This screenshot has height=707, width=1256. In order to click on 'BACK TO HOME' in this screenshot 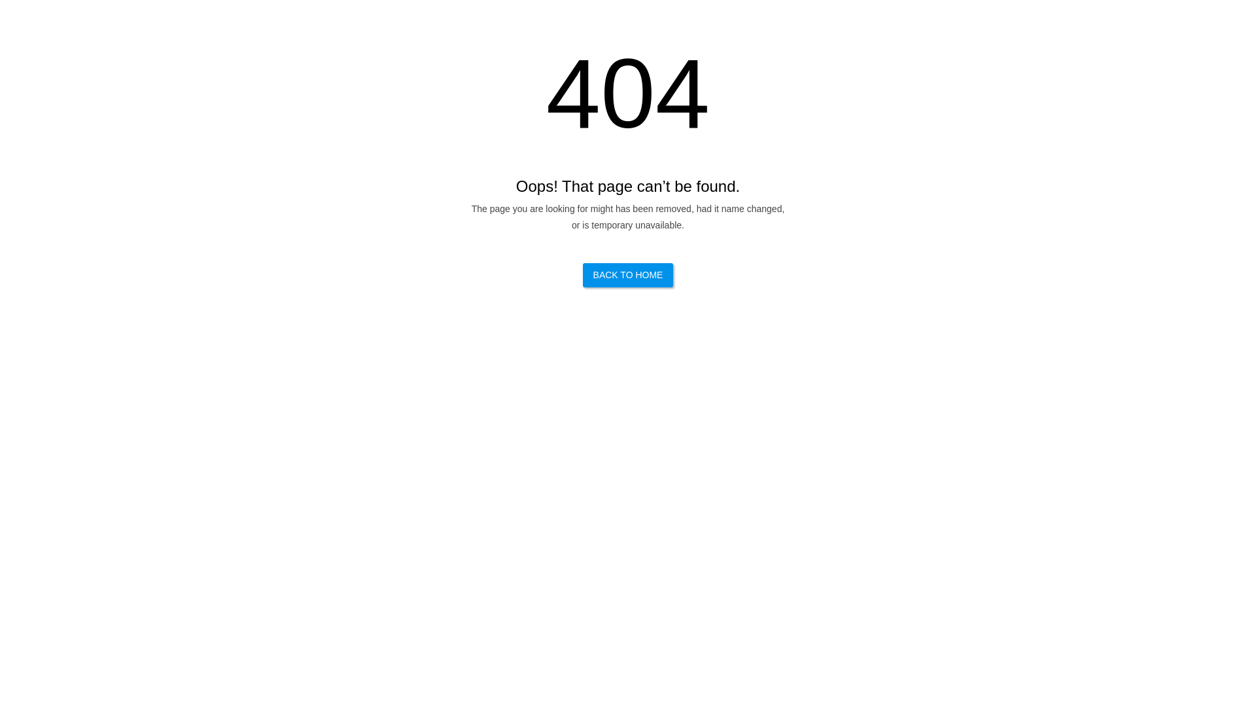, I will do `click(628, 274)`.